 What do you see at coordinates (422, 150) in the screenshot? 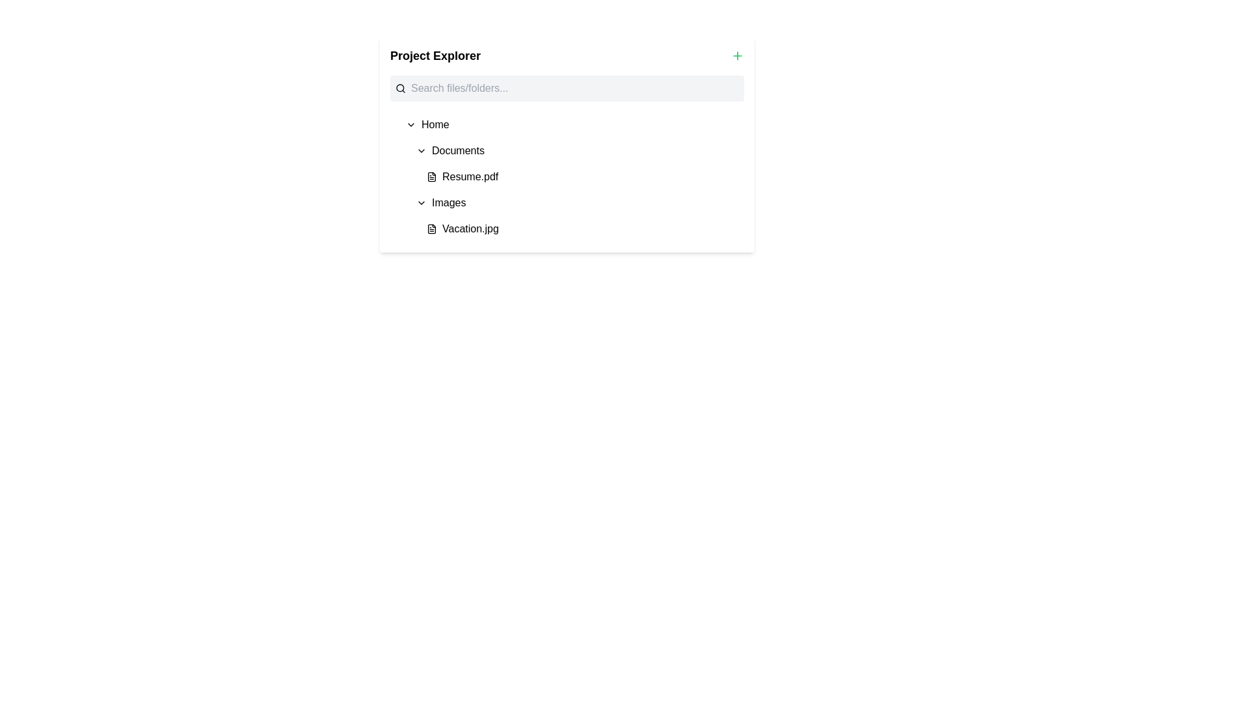
I see `the Chevron-Down icon located to the left of the 'Documents' folder label in the Project Explorer interface` at bounding box center [422, 150].